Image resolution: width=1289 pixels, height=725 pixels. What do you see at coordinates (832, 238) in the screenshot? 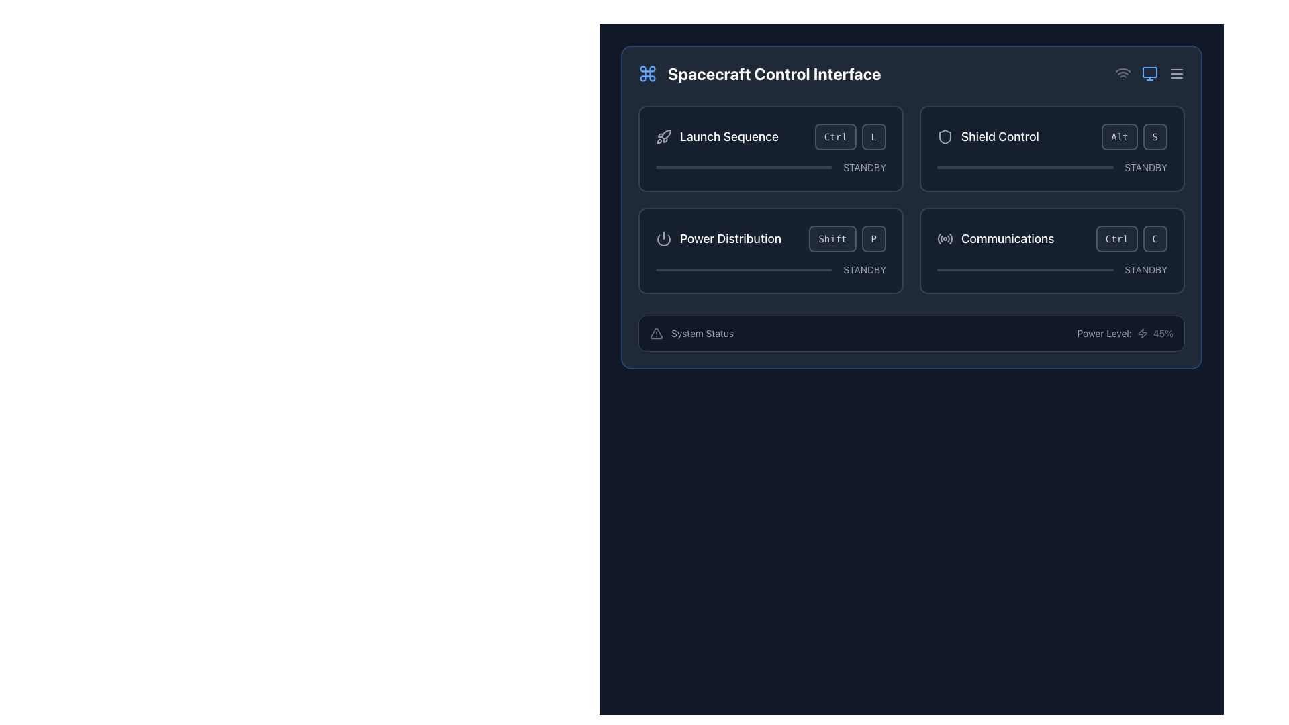
I see `the Button-like label element associated with the 'Shift' key in the 'Power Distribution' section, located to the left of the 'P' label` at bounding box center [832, 238].